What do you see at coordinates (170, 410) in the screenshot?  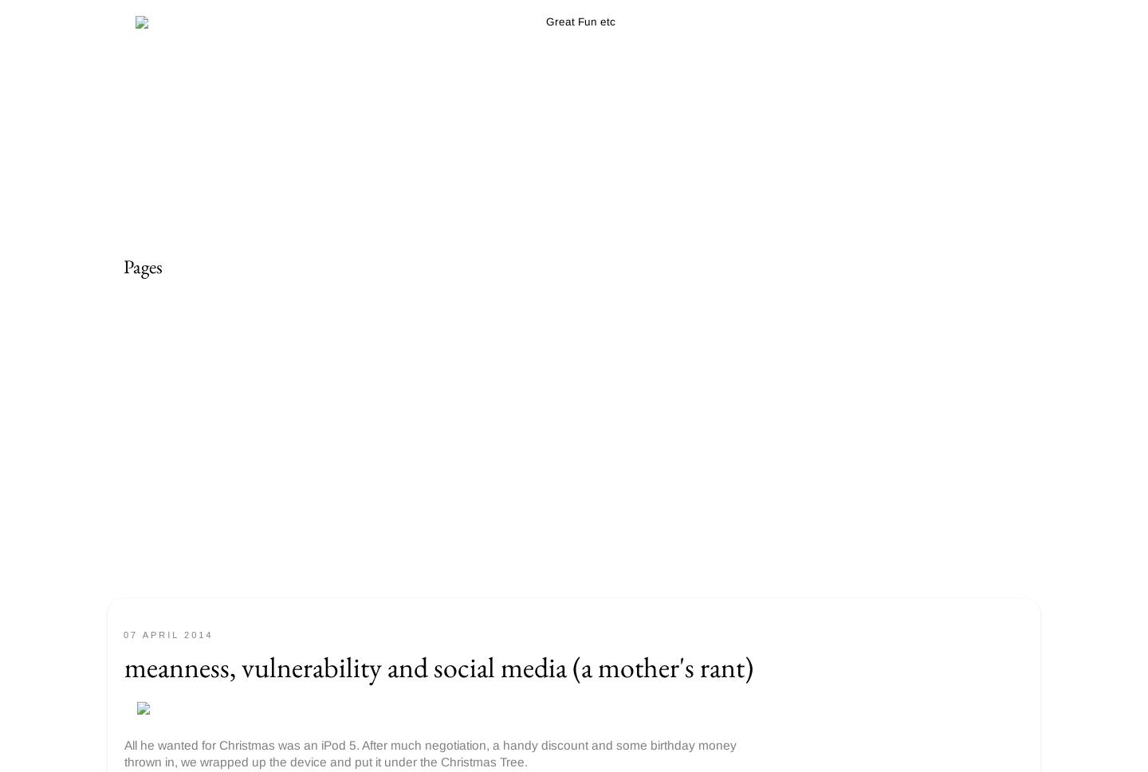 I see `'Family Fun etc'` at bounding box center [170, 410].